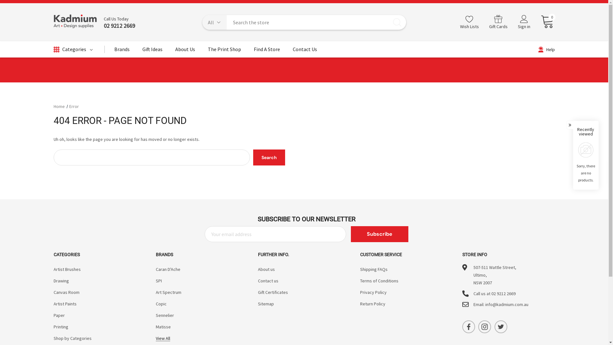 The height and width of the screenshot is (345, 613). What do you see at coordinates (169, 292) in the screenshot?
I see `'Art Spectrum'` at bounding box center [169, 292].